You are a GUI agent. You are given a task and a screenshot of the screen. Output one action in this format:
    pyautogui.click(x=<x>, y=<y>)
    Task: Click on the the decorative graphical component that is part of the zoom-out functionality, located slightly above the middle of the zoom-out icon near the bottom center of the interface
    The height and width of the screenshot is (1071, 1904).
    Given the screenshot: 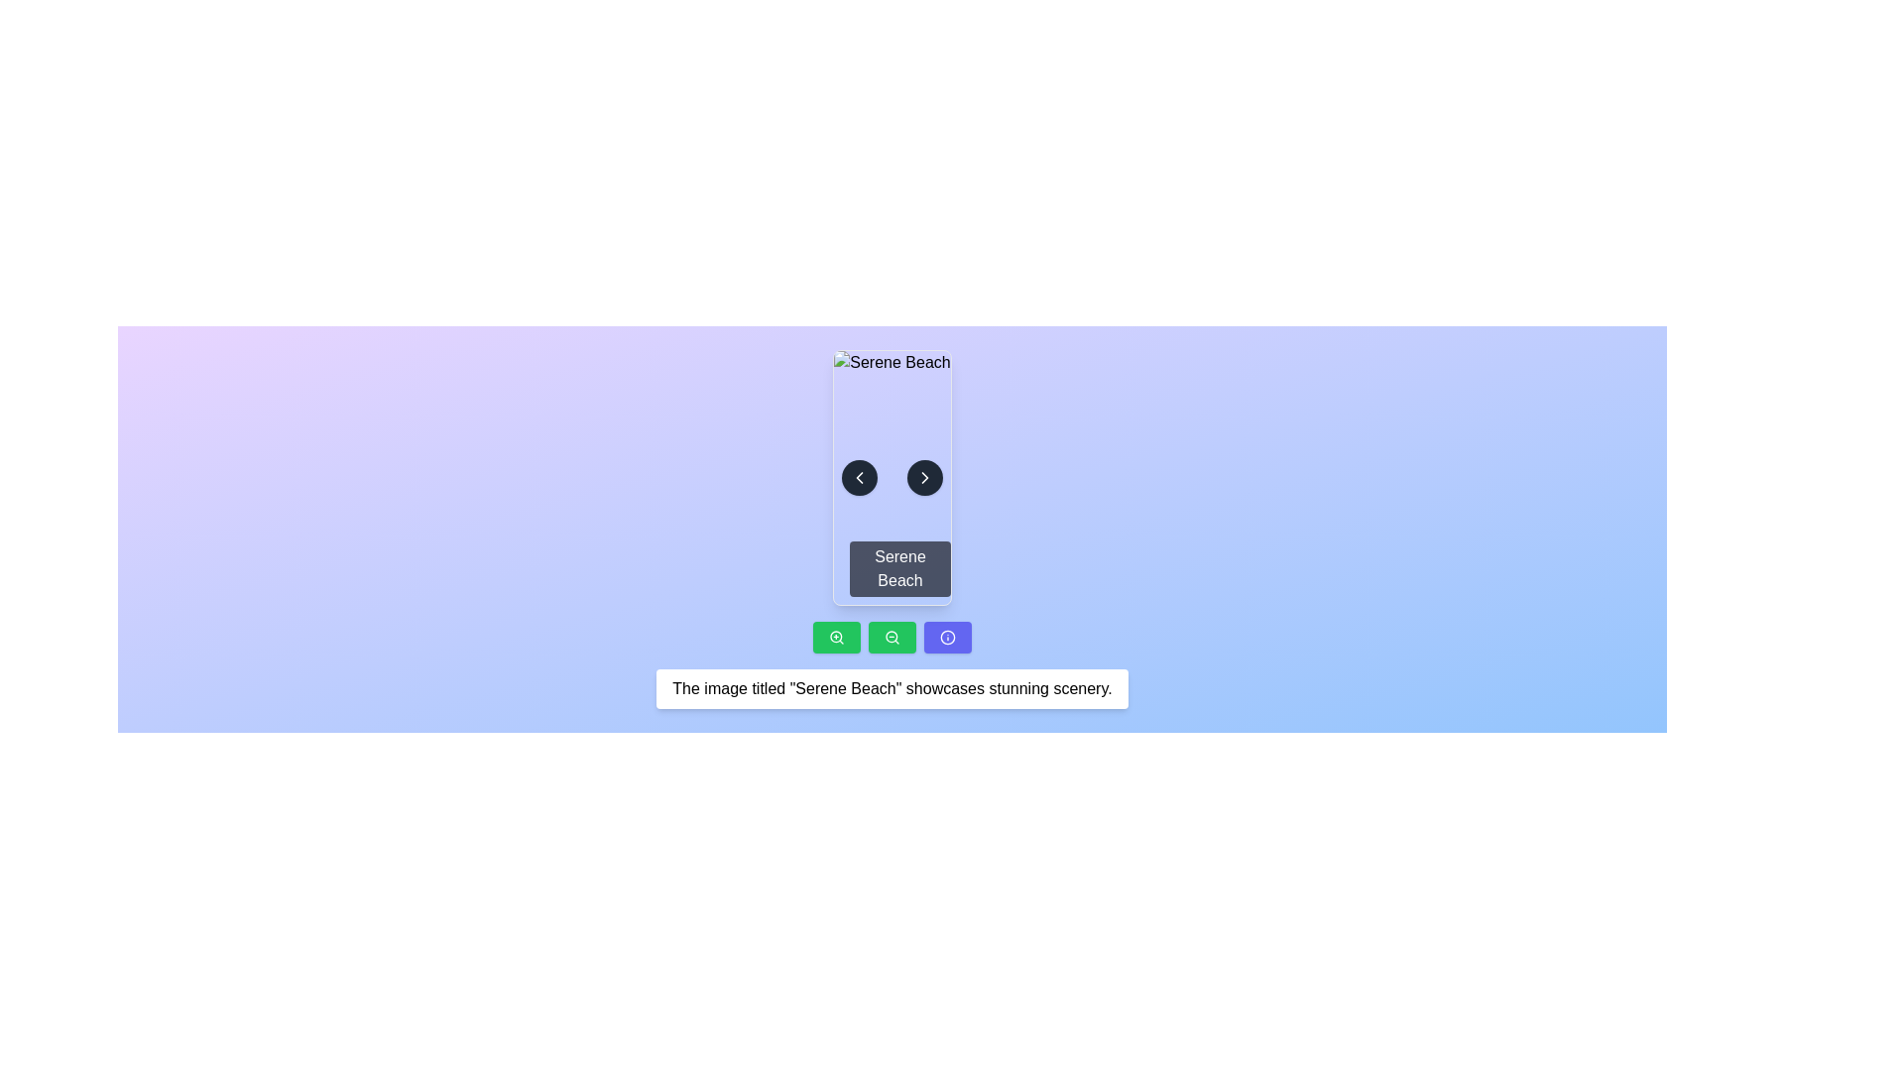 What is the action you would take?
    pyautogui.click(x=891, y=637)
    